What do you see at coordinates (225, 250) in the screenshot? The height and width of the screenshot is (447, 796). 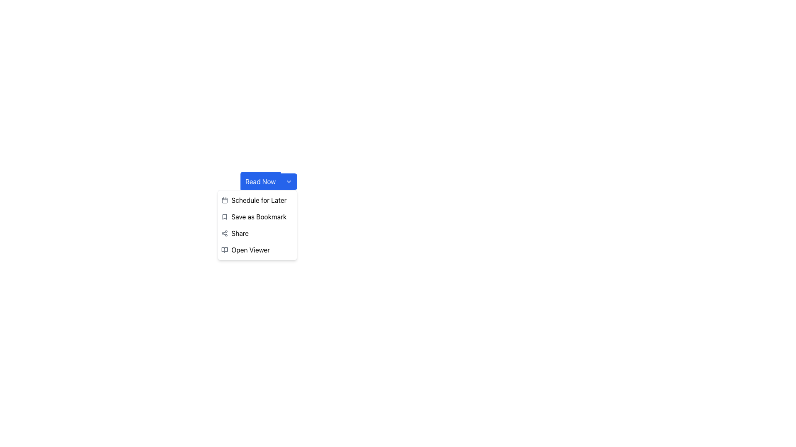 I see `the 'Open Viewer' icon in the menu` at bounding box center [225, 250].